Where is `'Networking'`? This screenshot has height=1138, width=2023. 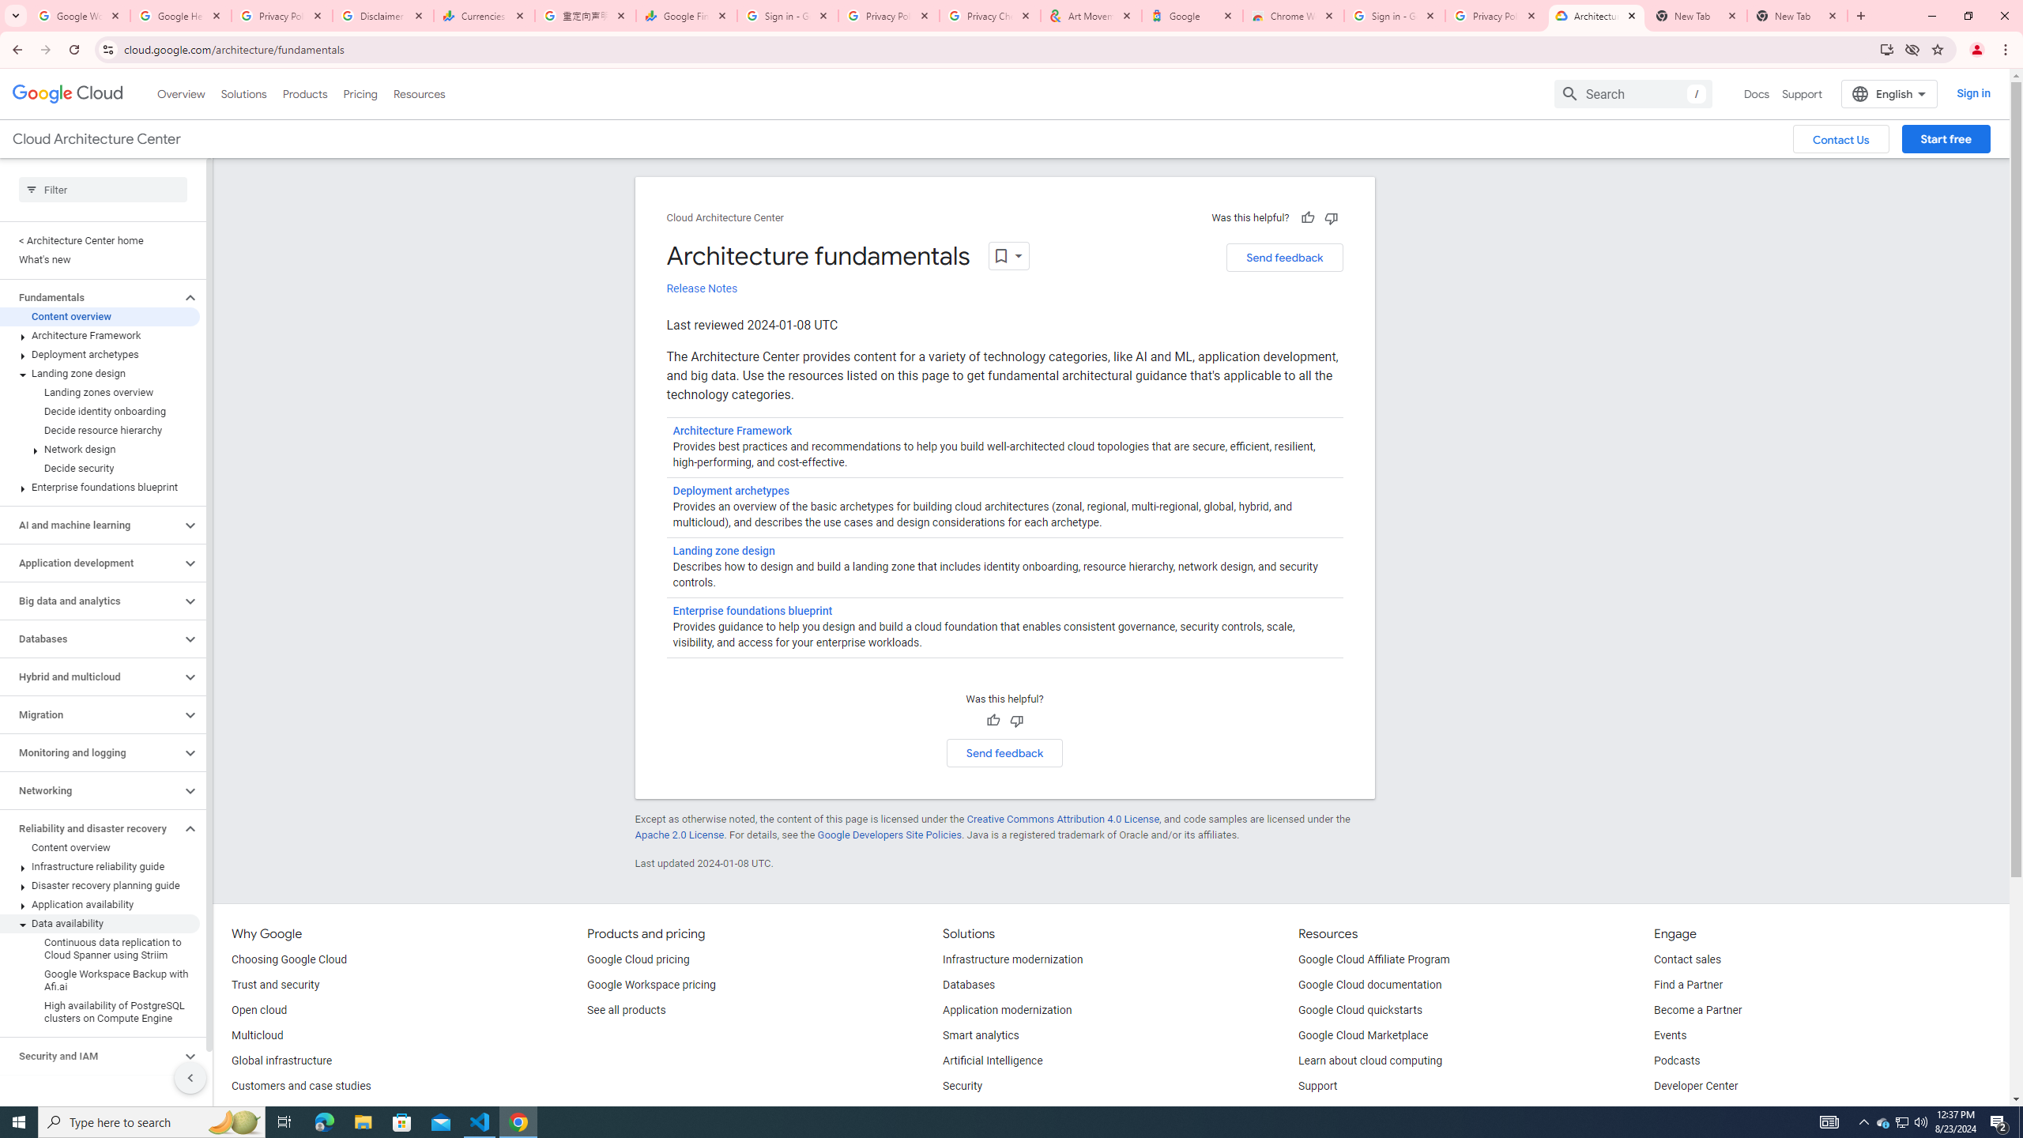
'Networking' is located at coordinates (89, 789).